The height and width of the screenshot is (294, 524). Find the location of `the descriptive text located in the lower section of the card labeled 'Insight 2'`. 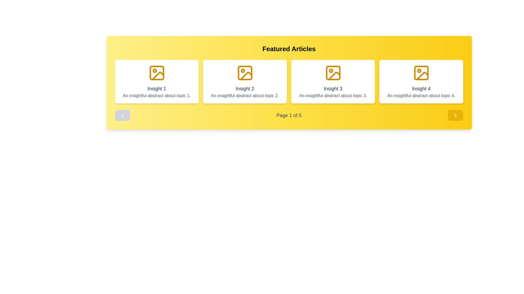

the descriptive text located in the lower section of the card labeled 'Insight 2' is located at coordinates (245, 95).